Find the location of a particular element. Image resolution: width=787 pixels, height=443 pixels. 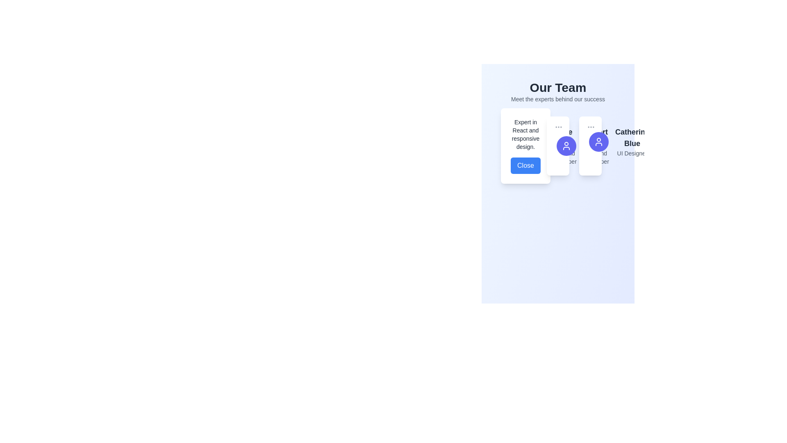

the title text component displaying the user's name, located at the top right section of a card or tile is located at coordinates (596, 137).